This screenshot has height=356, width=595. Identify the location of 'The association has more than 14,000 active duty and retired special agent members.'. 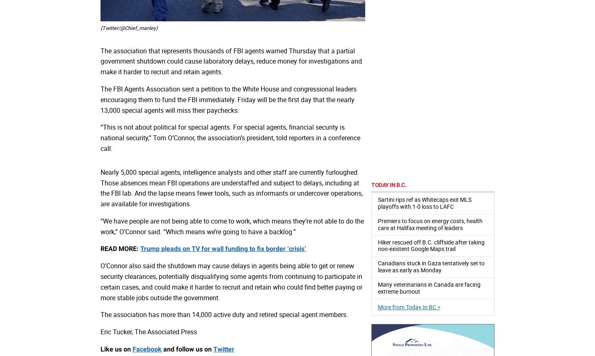
(224, 314).